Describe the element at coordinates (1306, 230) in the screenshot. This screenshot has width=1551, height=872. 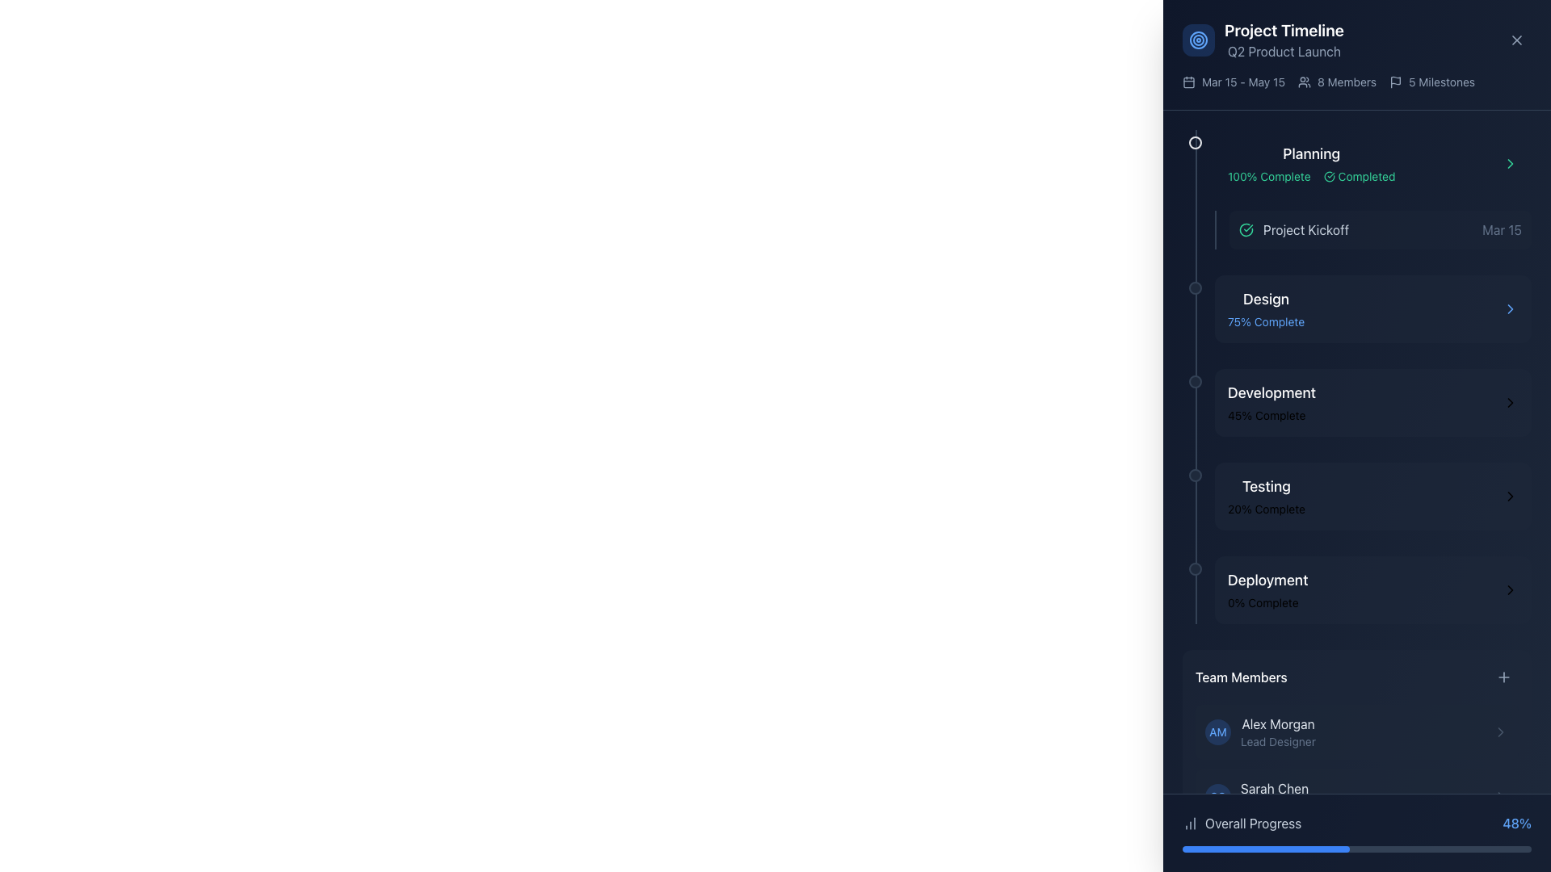
I see `the 'Project Kickoff' text label in the 'Planning' section of the project timeline interface, which is aligned next to a green checkmark icon` at that location.